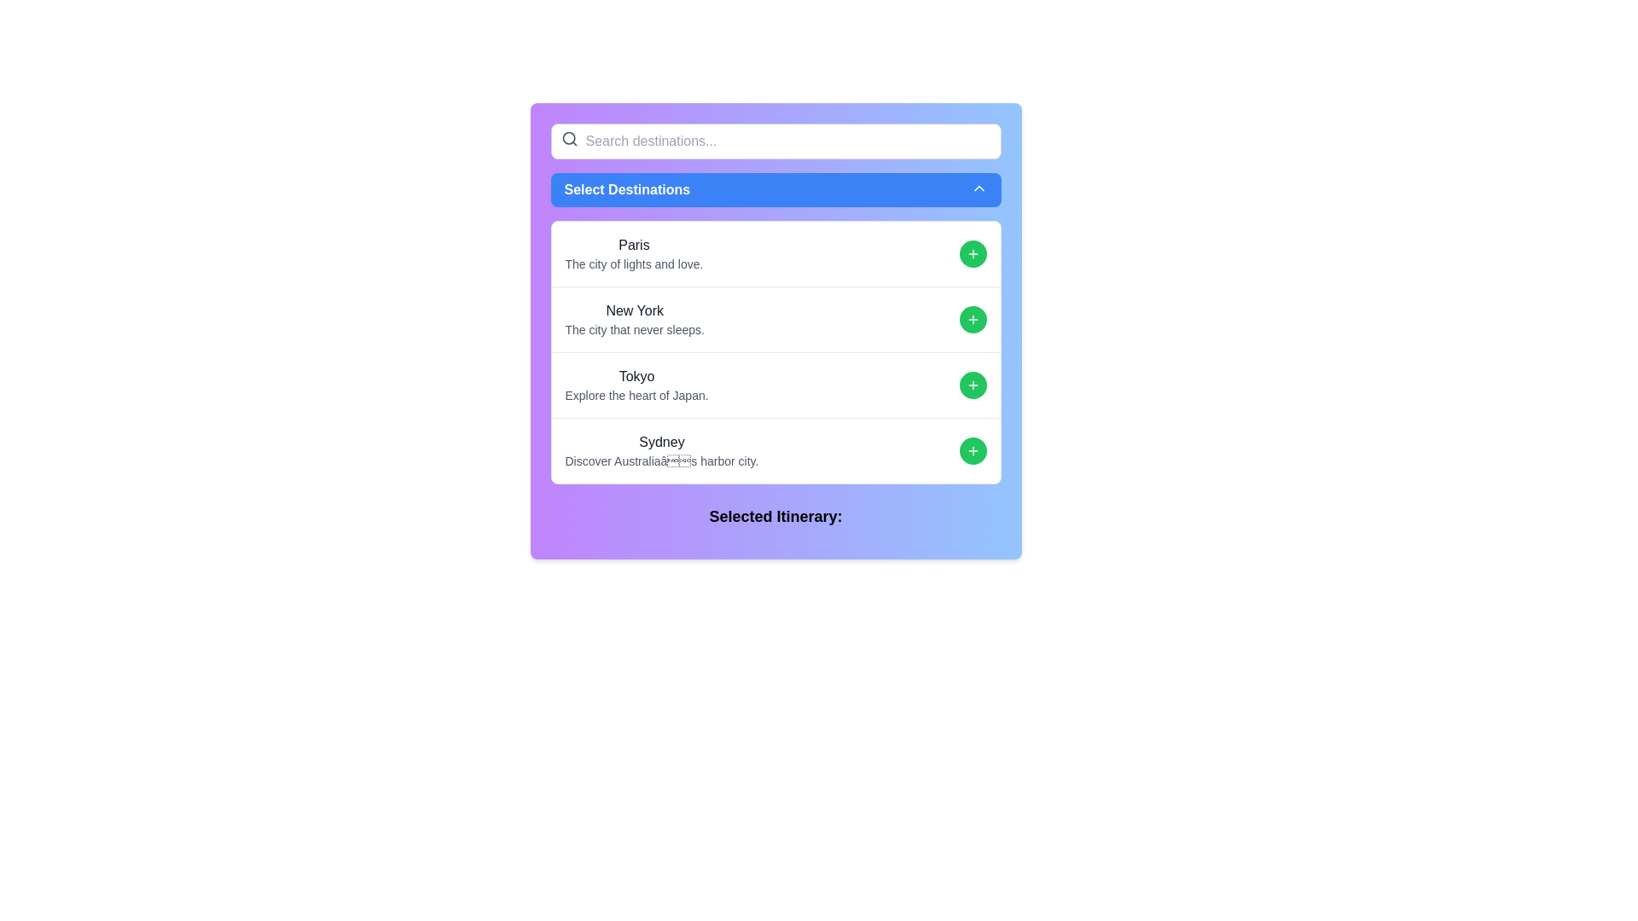 The image size is (1638, 921). Describe the element at coordinates (636, 395) in the screenshot. I see `the descriptive text element located beneath the 'Tokyo' heading in the 'Select Destinations' section` at that location.